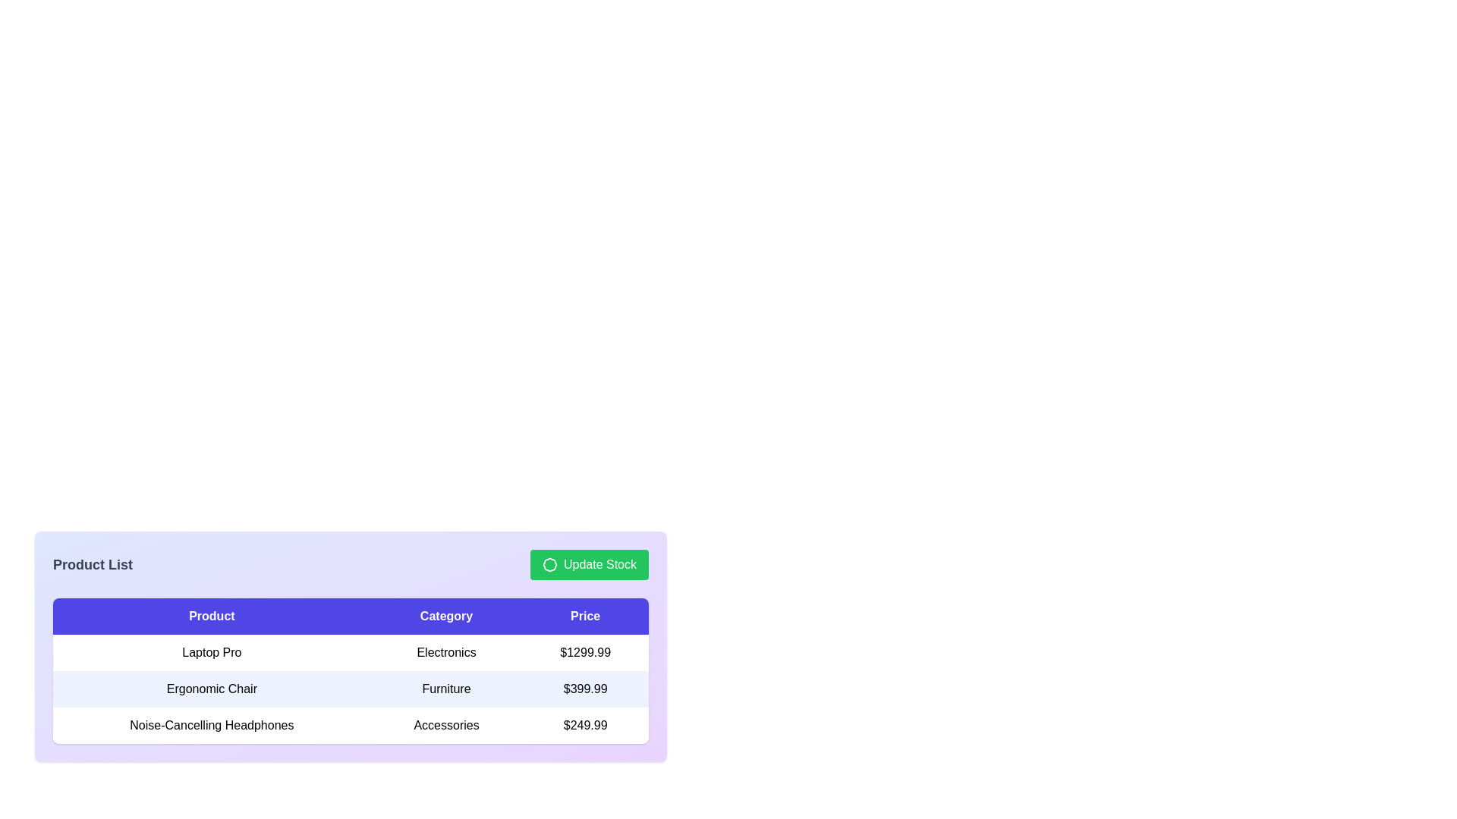  What do you see at coordinates (350, 689) in the screenshot?
I see `the second row in the product table that displays detailed information about a product, positioned between 'Laptop Pro' and 'Noise-Cancelling Headphones'` at bounding box center [350, 689].